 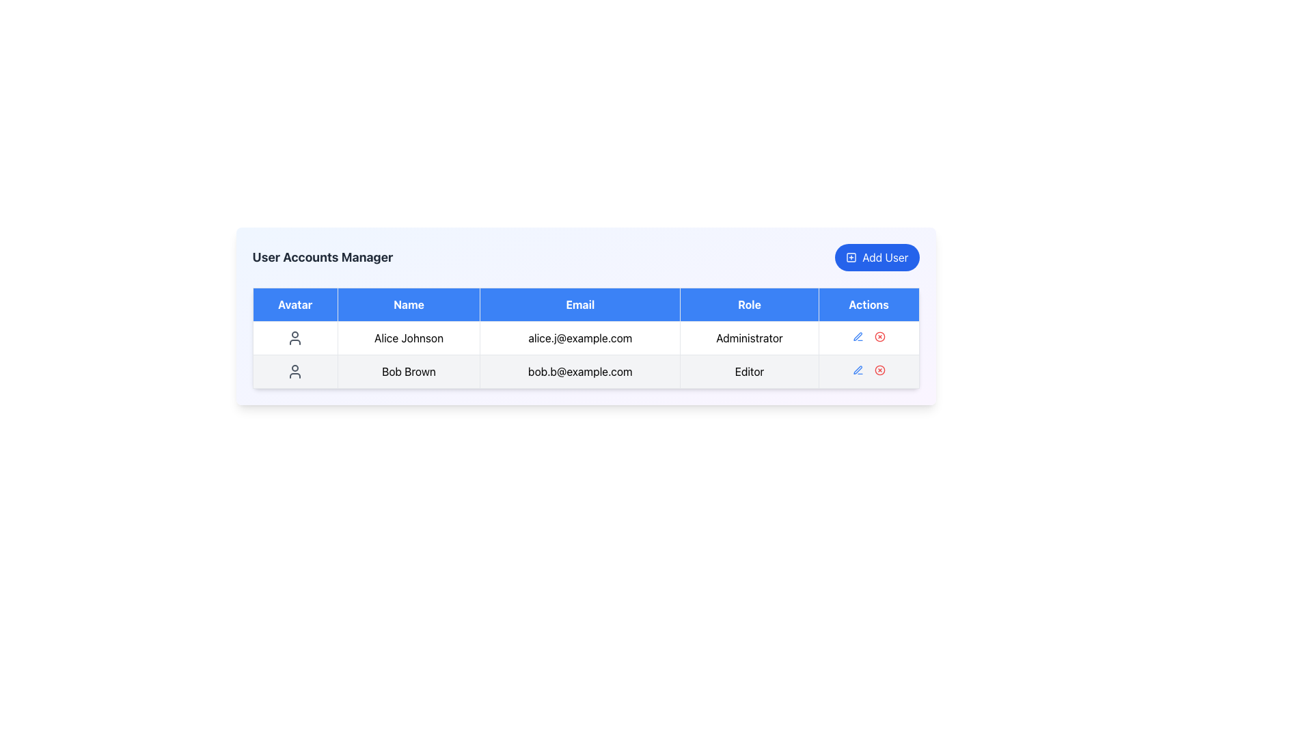 What do you see at coordinates (295, 338) in the screenshot?
I see `the user icon representing Alice Johnson in the Avatar column of the User Accounts Manager interface` at bounding box center [295, 338].